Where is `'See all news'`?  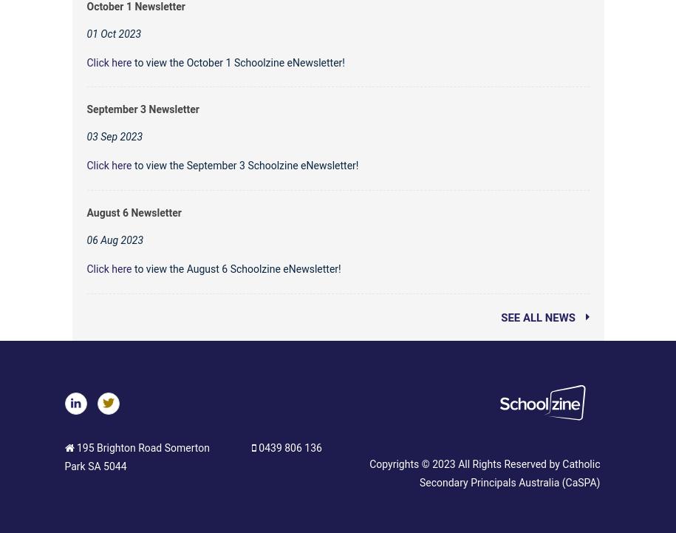 'See all news' is located at coordinates (539, 316).